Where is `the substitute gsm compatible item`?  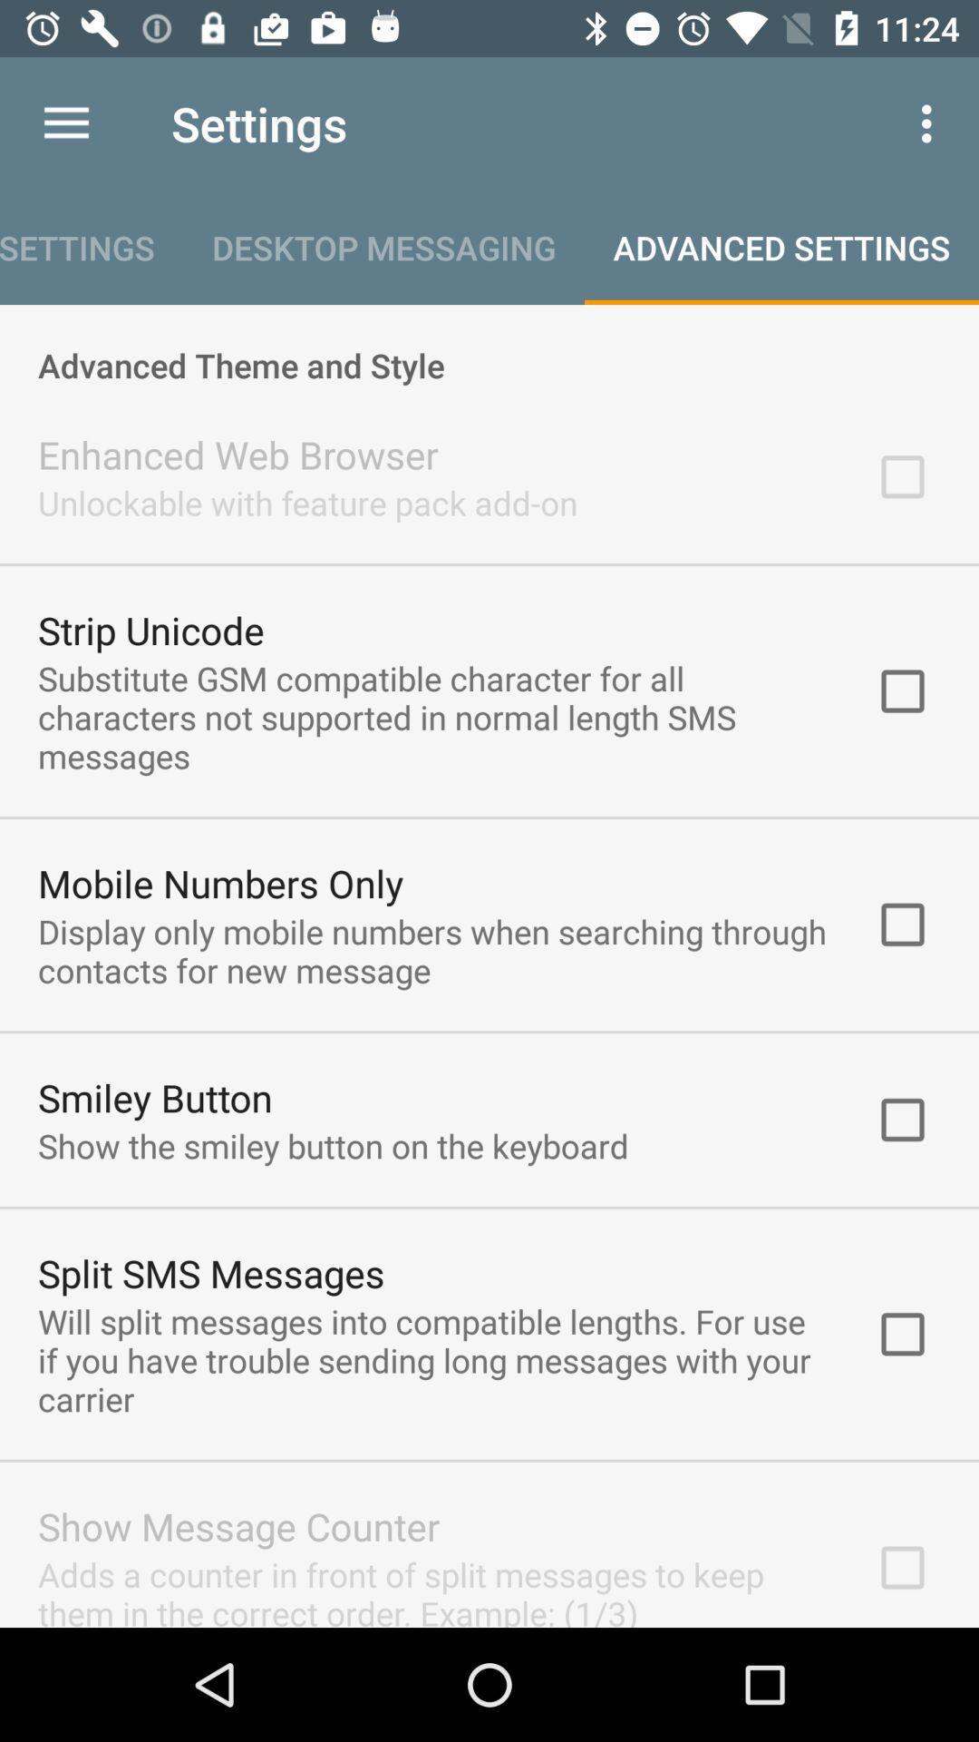
the substitute gsm compatible item is located at coordinates (432, 716).